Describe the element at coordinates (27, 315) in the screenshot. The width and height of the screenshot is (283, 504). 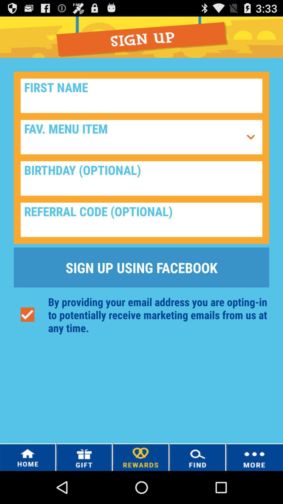
I see `click the tick box` at that location.